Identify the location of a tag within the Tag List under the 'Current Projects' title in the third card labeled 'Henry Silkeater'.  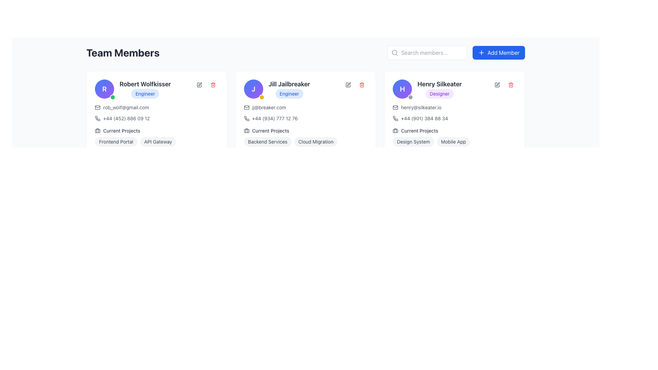
(454, 137).